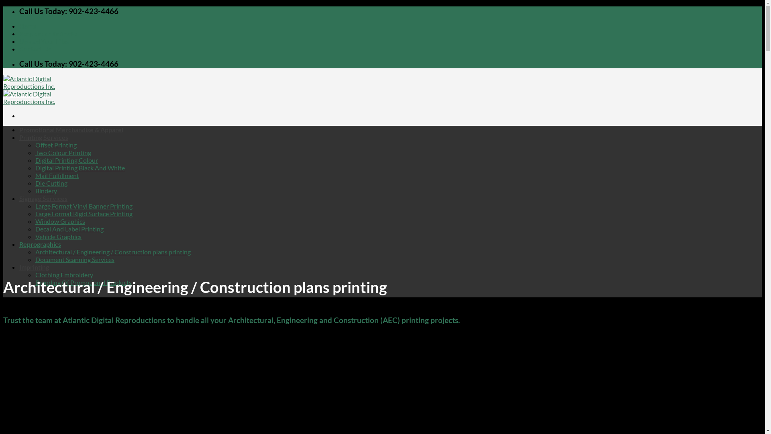 The image size is (771, 434). I want to click on 'Home', so click(19, 25).